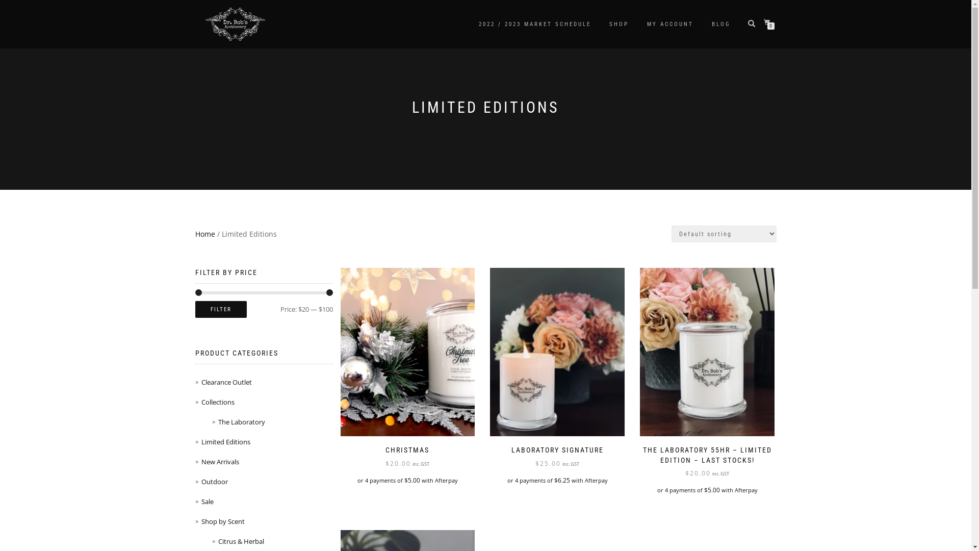  Describe the element at coordinates (207, 501) in the screenshot. I see `'Sale'` at that location.